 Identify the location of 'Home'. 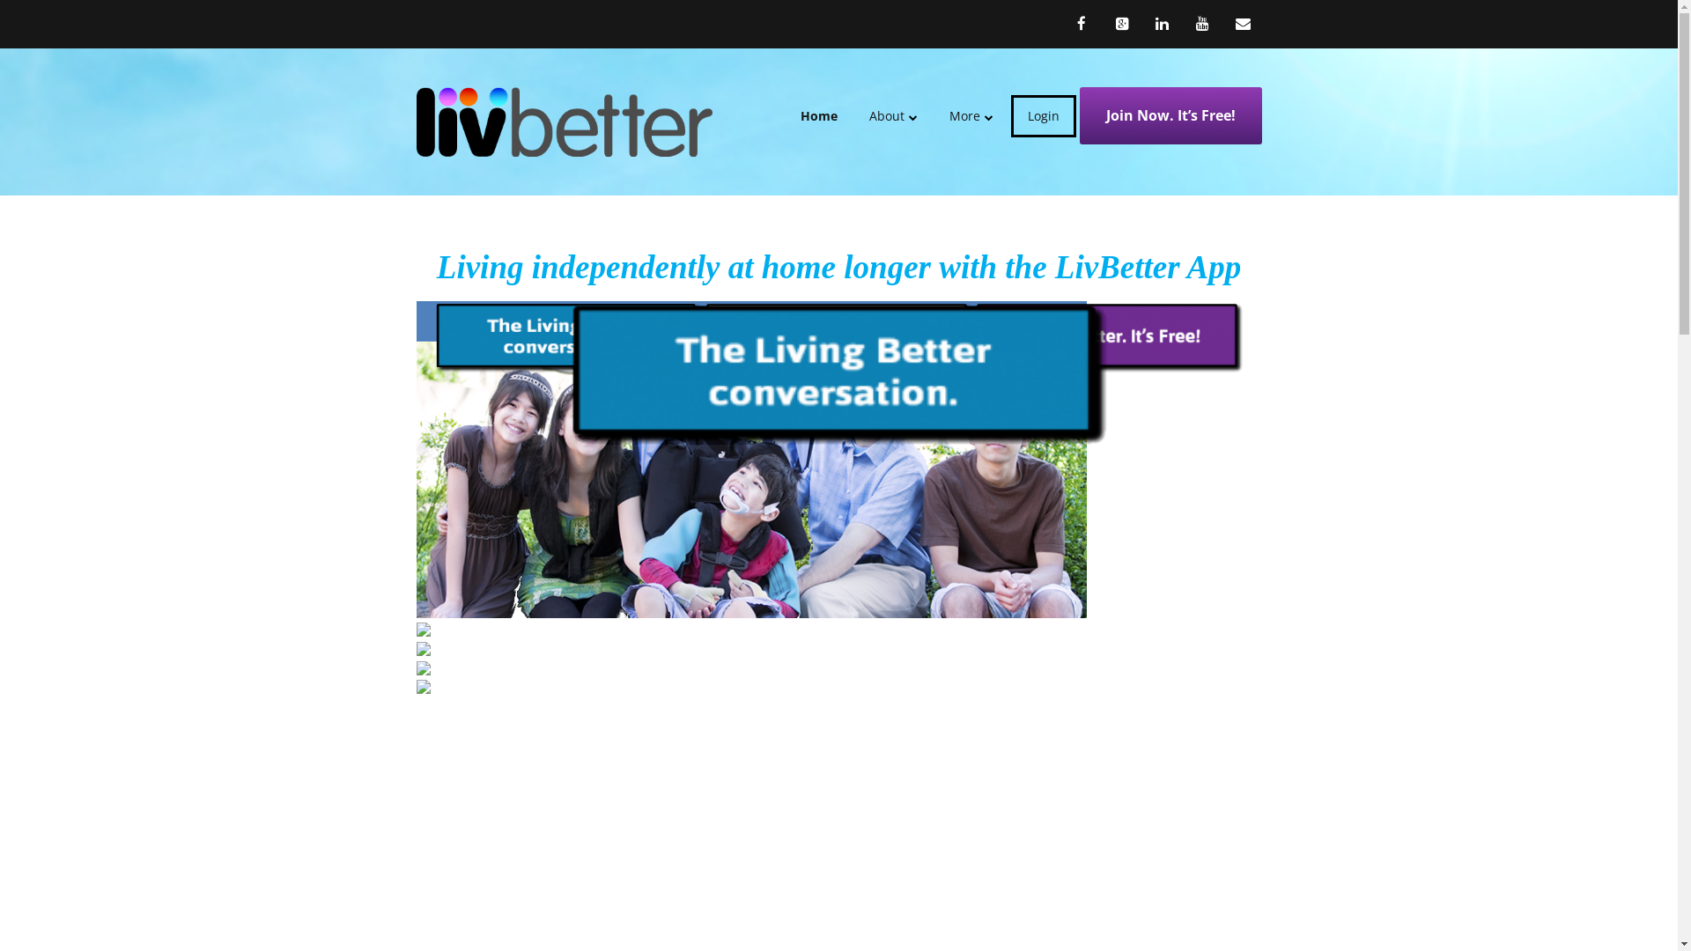
(823, 115).